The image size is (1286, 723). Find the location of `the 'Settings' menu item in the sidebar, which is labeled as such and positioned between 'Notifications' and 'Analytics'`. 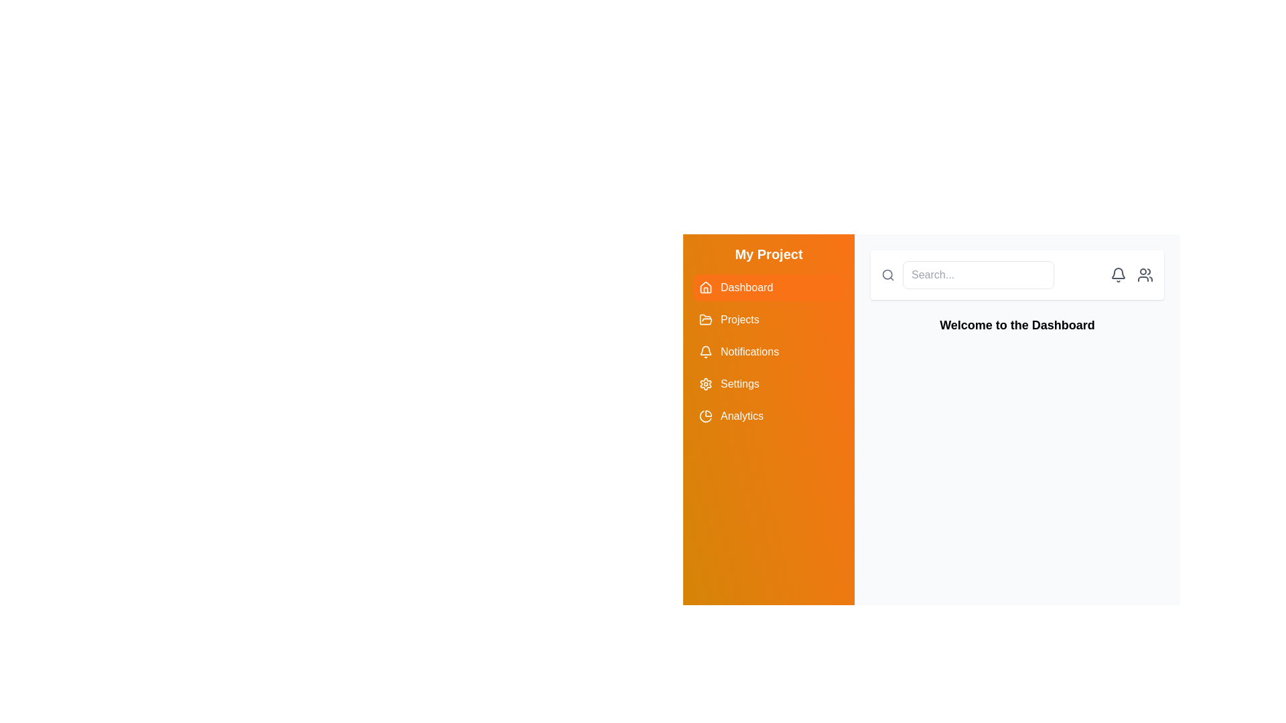

the 'Settings' menu item in the sidebar, which is labeled as such and positioned between 'Notifications' and 'Analytics' is located at coordinates (739, 384).